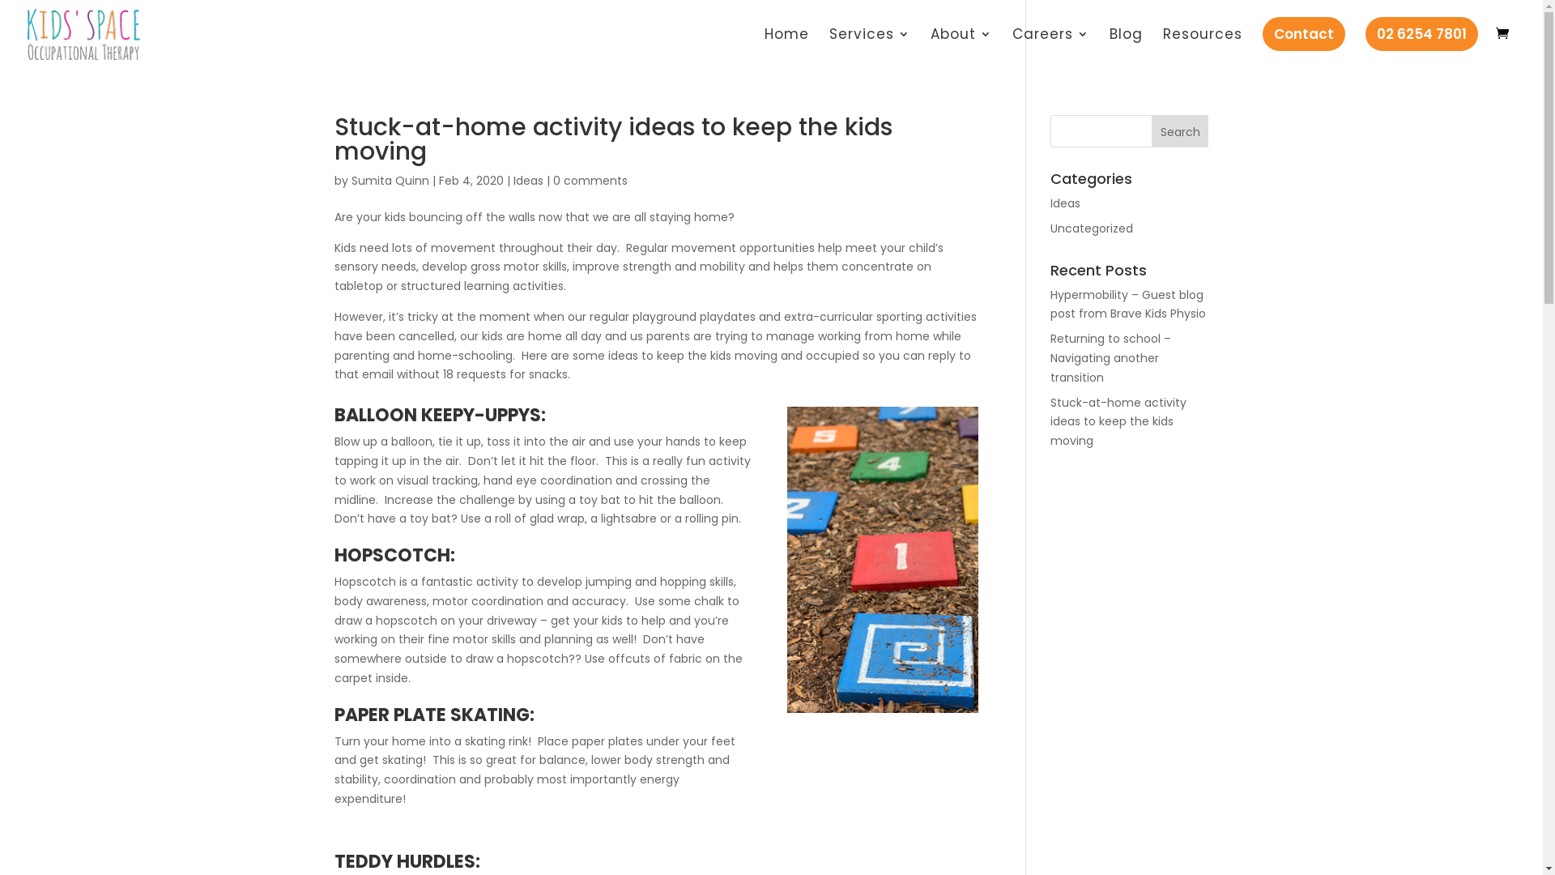  What do you see at coordinates (786, 46) in the screenshot?
I see `'Home'` at bounding box center [786, 46].